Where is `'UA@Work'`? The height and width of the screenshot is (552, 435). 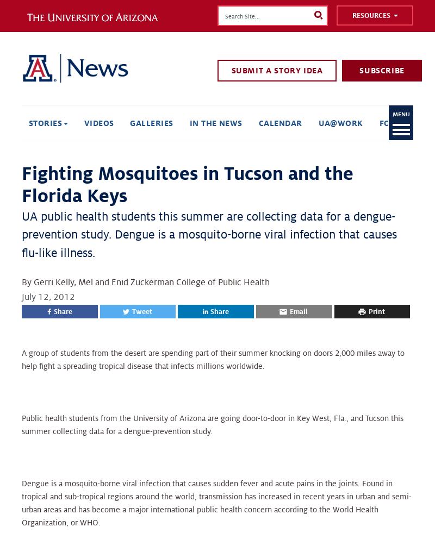
'UA@Work' is located at coordinates (340, 122).